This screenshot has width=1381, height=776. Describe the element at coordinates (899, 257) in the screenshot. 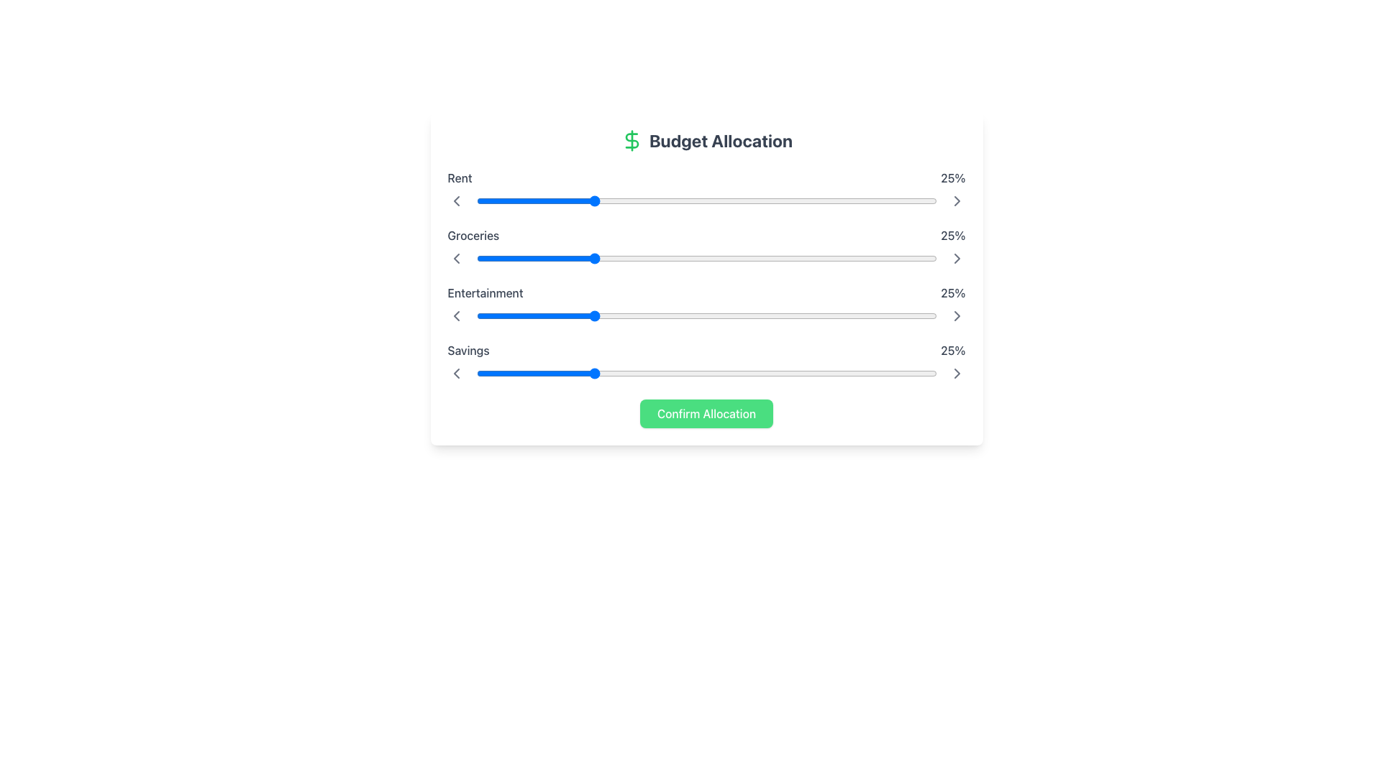

I see `the groceries allocation percentage` at that location.